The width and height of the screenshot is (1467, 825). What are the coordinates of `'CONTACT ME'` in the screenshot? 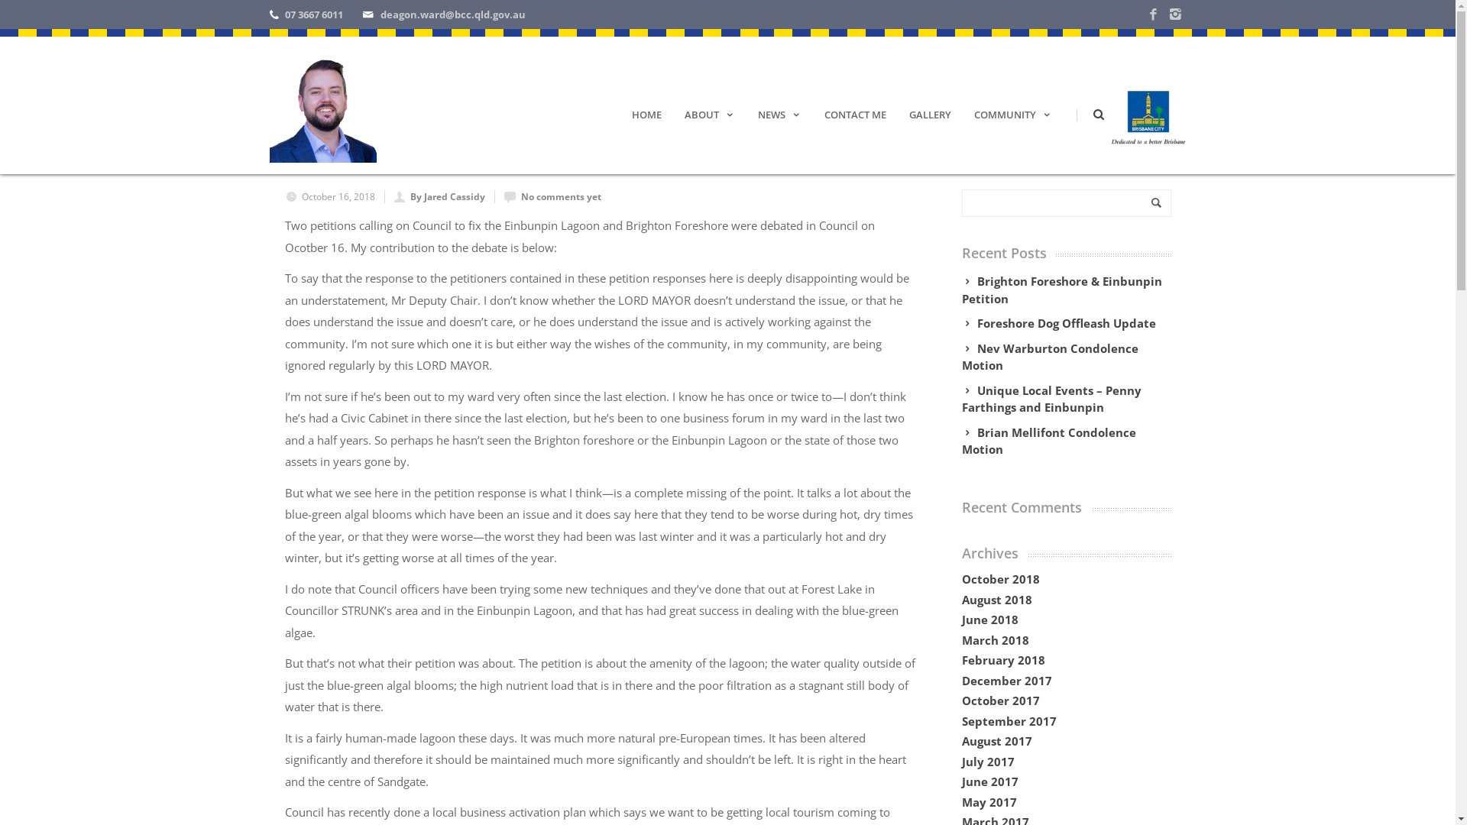 It's located at (854, 112).